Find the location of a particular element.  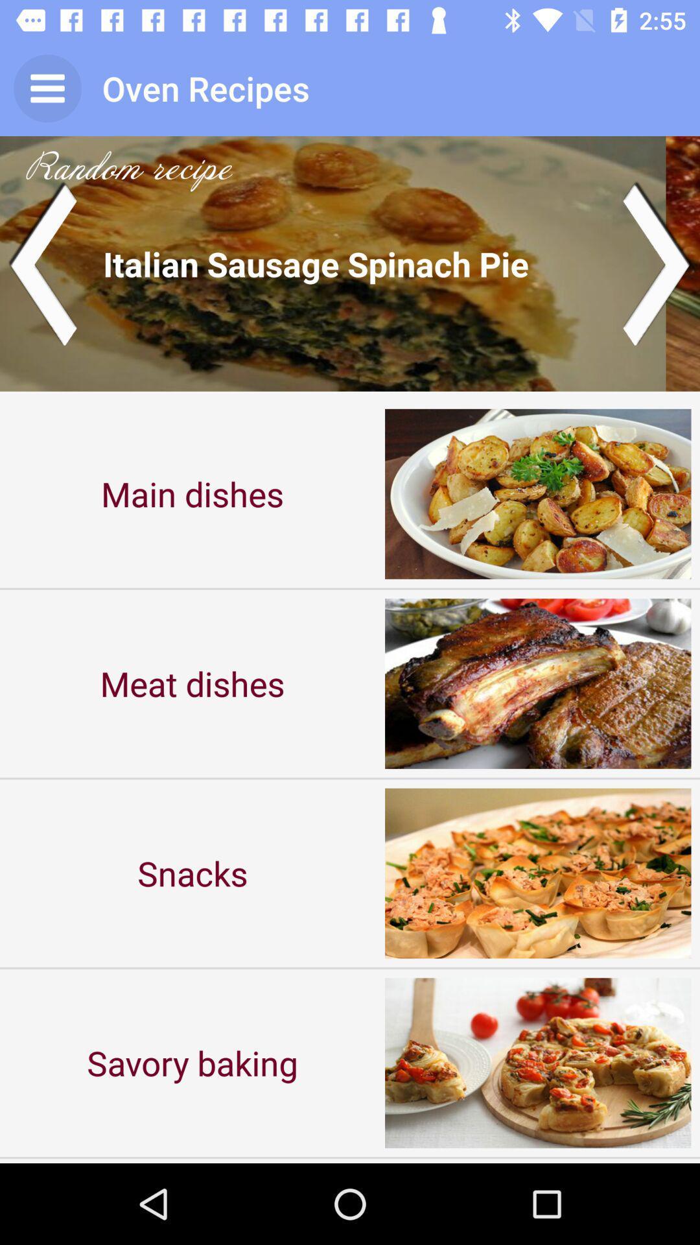

the item below the snacks is located at coordinates (192, 1063).